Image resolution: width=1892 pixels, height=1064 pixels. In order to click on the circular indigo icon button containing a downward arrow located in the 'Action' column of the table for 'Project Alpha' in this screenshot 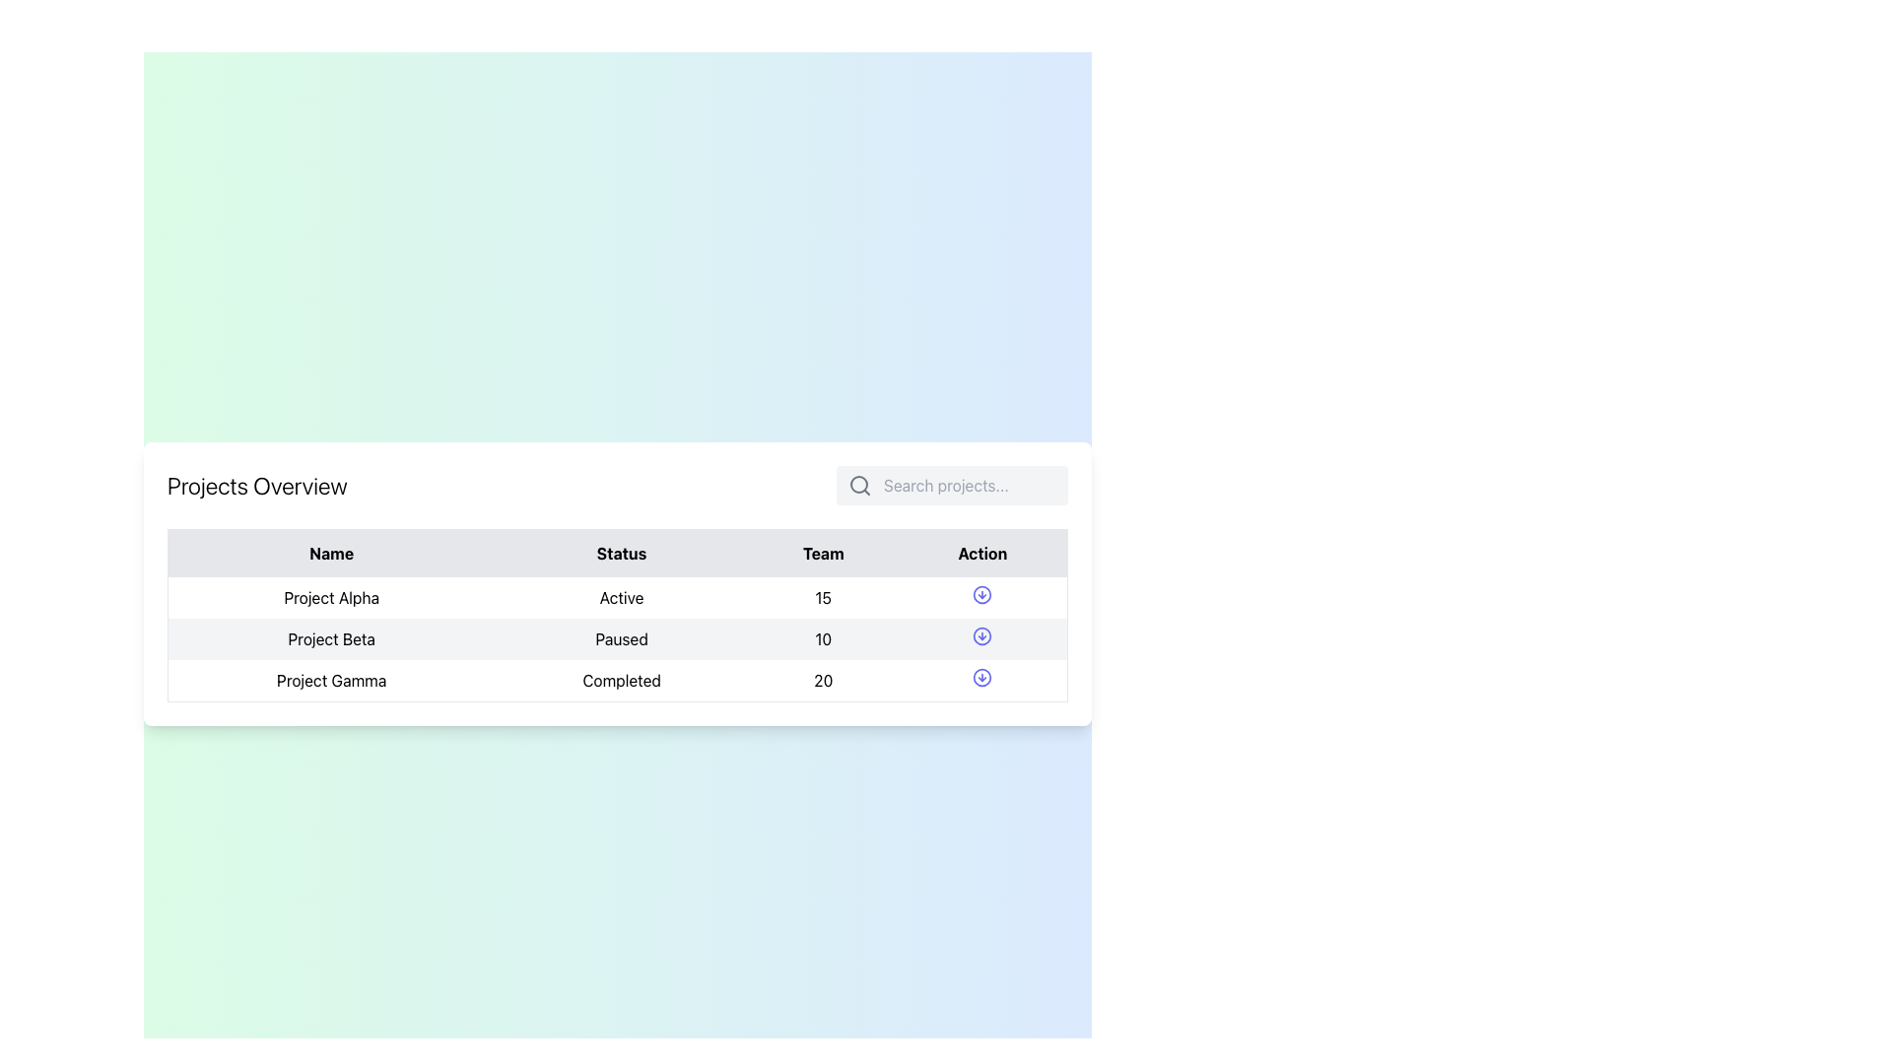, I will do `click(982, 594)`.